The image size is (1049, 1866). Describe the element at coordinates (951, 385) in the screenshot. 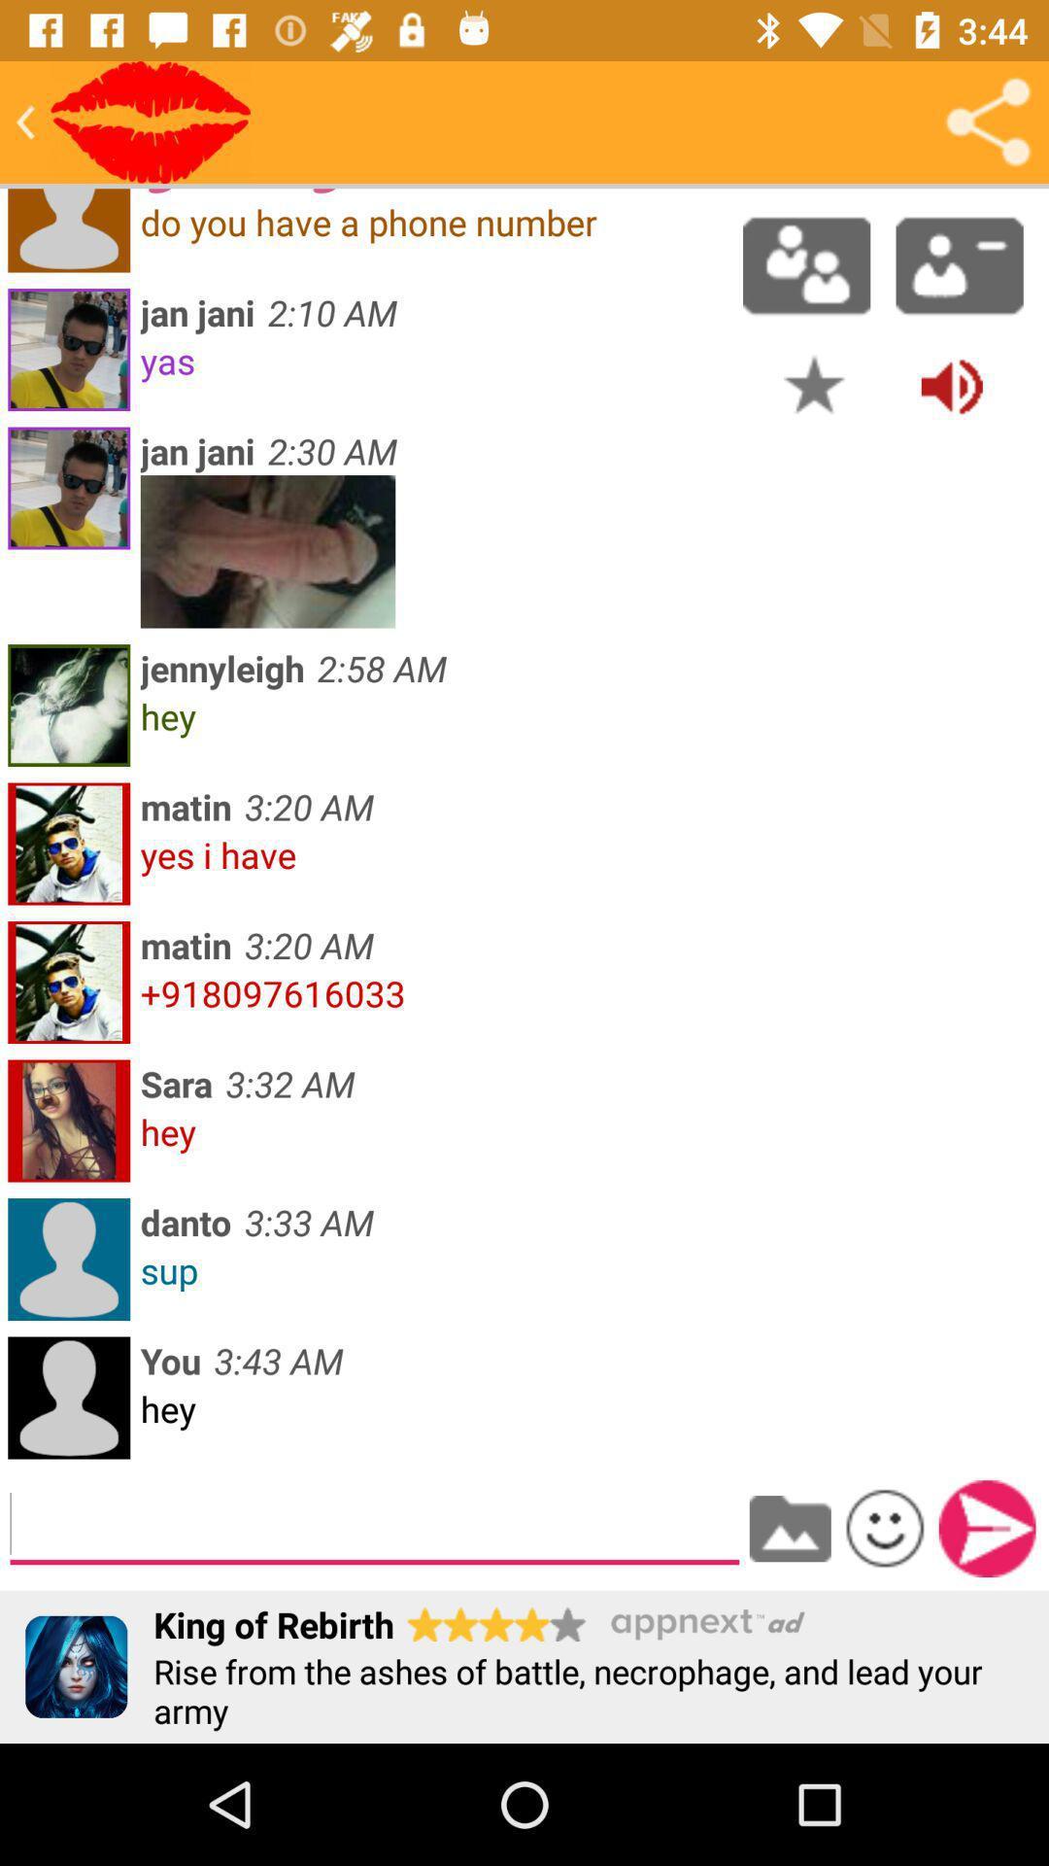

I see `the volume icon` at that location.